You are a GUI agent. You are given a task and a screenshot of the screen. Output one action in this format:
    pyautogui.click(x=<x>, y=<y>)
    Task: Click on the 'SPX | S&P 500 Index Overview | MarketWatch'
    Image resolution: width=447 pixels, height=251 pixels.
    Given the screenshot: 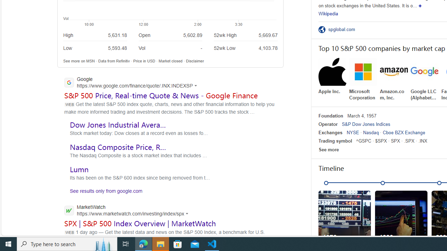 What is the action you would take?
    pyautogui.click(x=140, y=223)
    